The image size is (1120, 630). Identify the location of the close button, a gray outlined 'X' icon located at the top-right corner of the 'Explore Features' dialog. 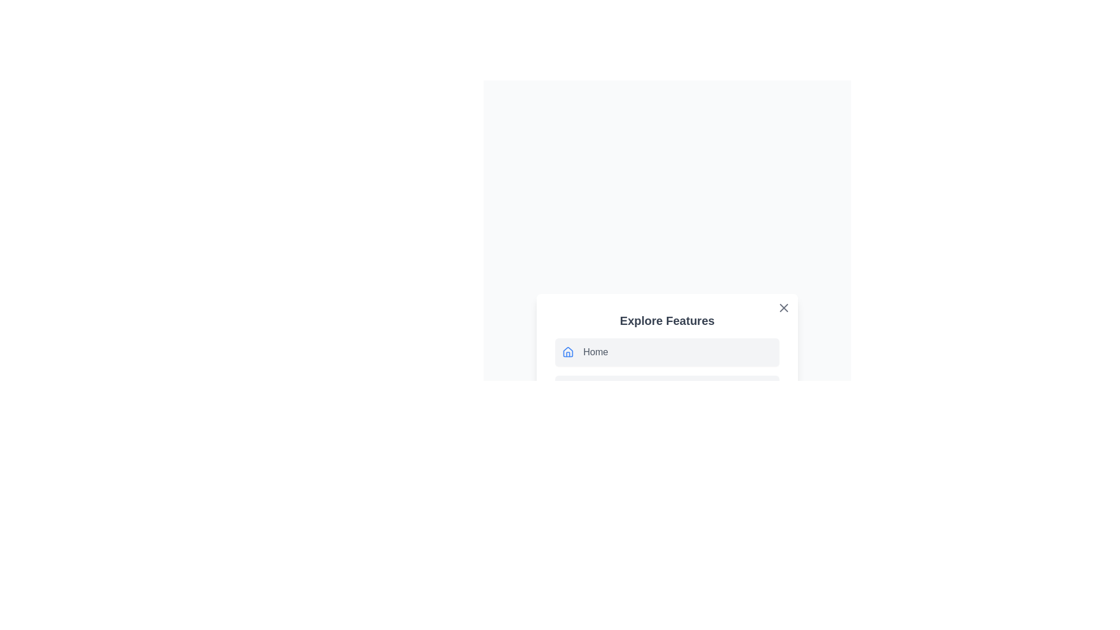
(784, 307).